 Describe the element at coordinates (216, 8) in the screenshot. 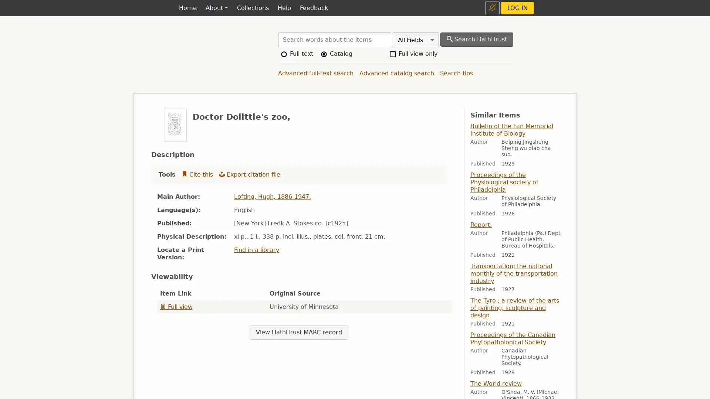

I see `About` at that location.